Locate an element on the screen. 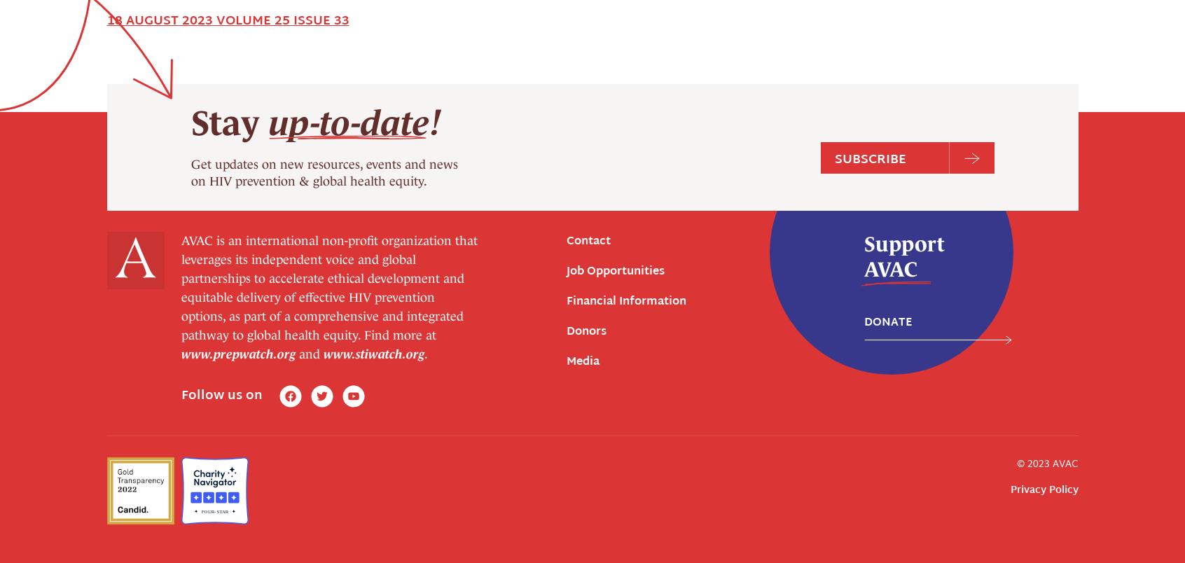  '© 2023 AVAC' is located at coordinates (1047, 211).